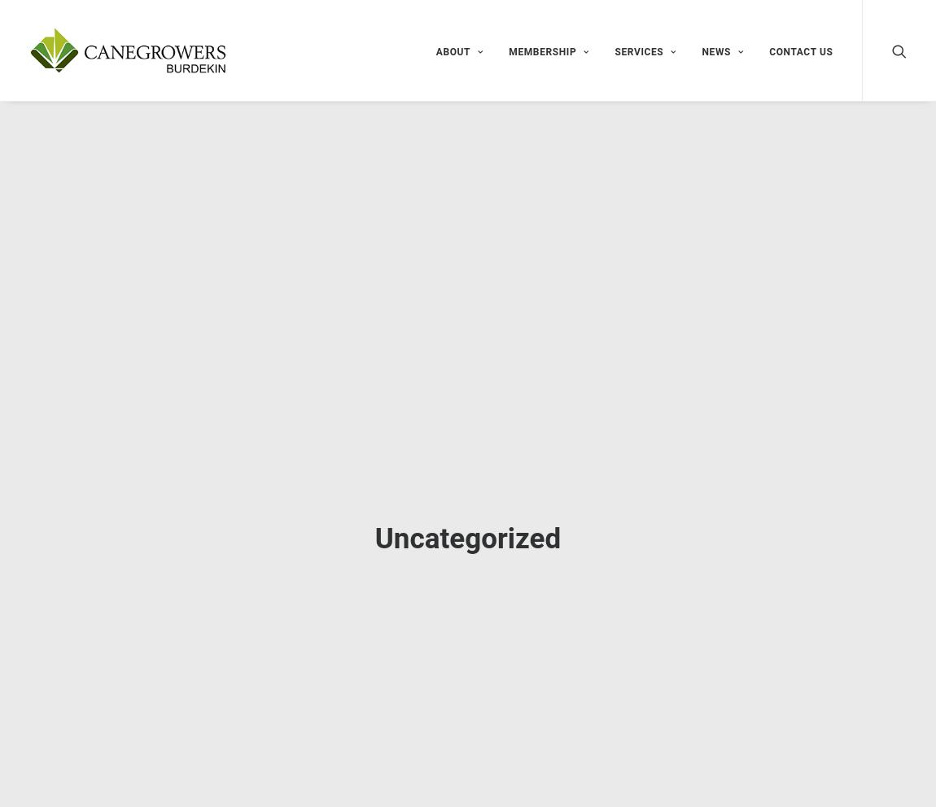  What do you see at coordinates (718, 460) in the screenshot?
I see `'Mill Update – 17th June 2021'` at bounding box center [718, 460].